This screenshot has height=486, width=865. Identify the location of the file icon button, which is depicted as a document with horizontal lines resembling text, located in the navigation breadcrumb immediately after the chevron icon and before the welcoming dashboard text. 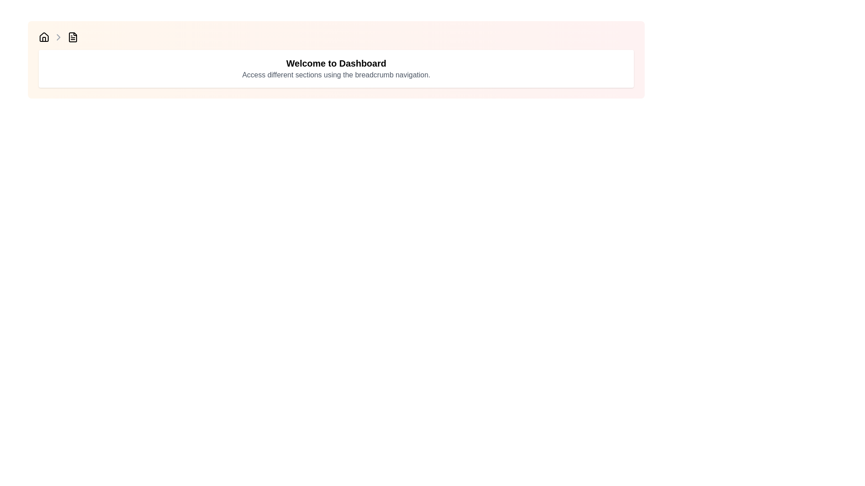
(73, 37).